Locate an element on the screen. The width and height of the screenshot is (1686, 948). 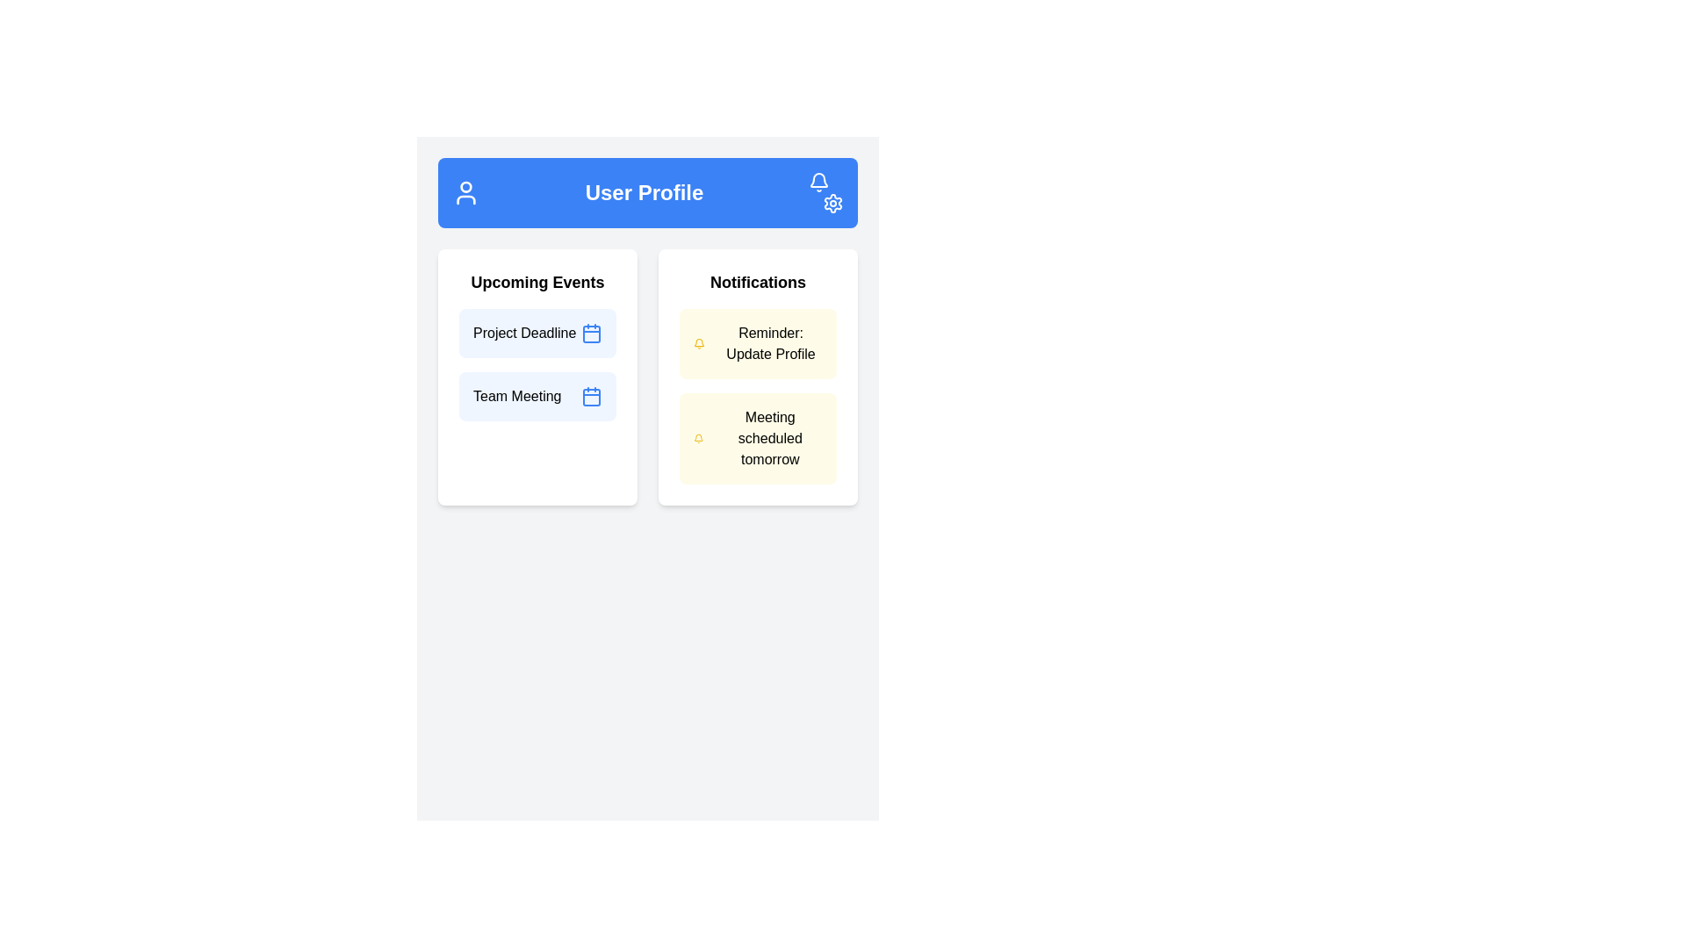
the SVG element representing a calendar date cell located near the bottom-right corner inside the calendar icon, which is to the right of the 'Project Deadline' text in the 'Upcoming Events' section is located at coordinates (591, 334).